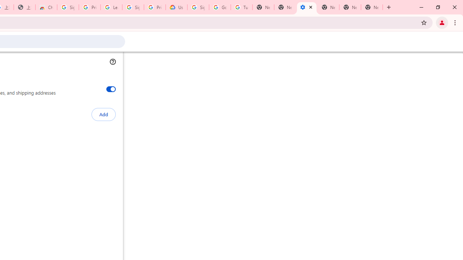 The height and width of the screenshot is (260, 463). Describe the element at coordinates (372, 7) in the screenshot. I see `'New Tab'` at that location.